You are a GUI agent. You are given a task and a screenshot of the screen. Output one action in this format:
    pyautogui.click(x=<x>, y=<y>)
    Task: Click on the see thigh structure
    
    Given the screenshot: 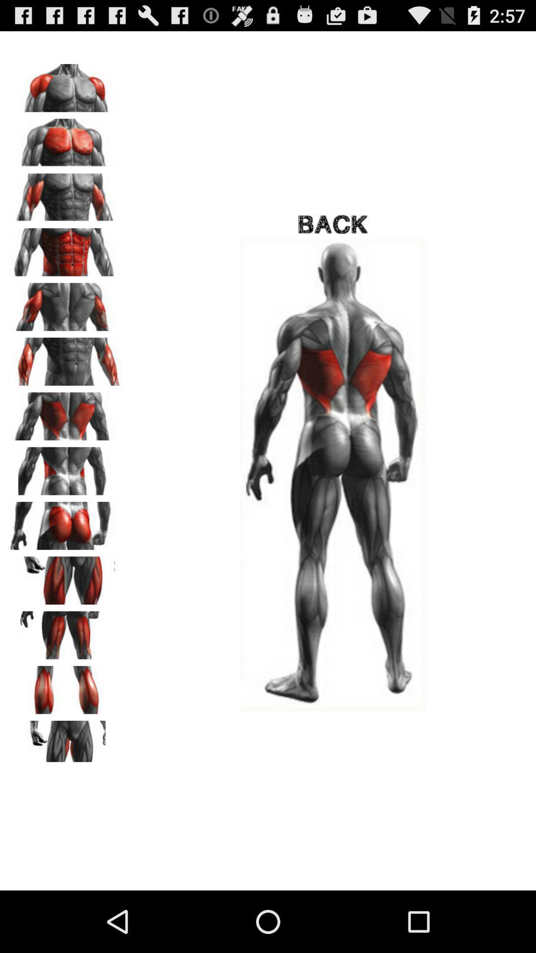 What is the action you would take?
    pyautogui.click(x=65, y=631)
    